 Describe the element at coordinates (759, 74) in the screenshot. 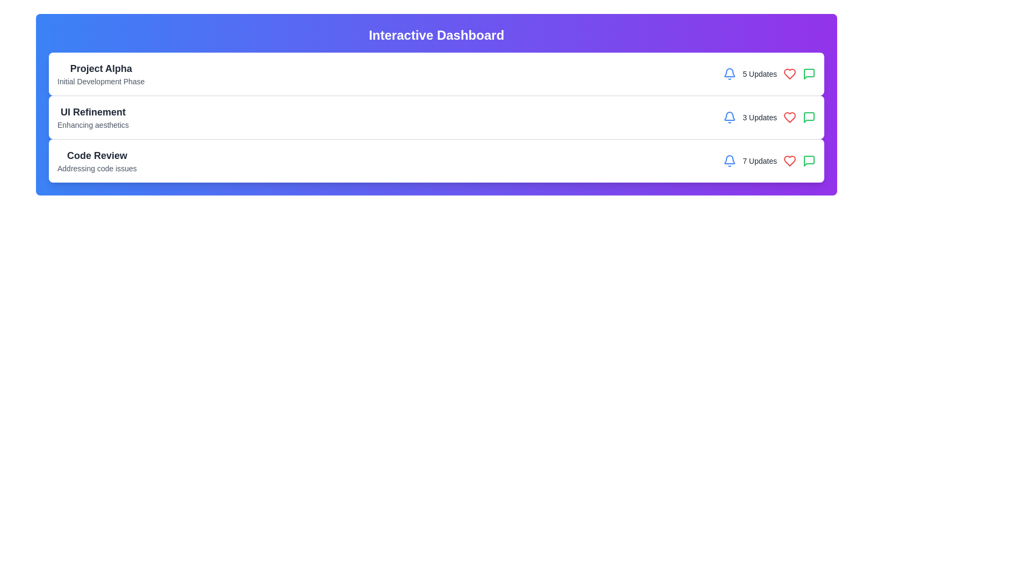

I see `the text label indicating the number of updates related to the project, which is positioned to the right of a blue bell icon and to the left of a red heart icon in the first row of the column layout` at that location.